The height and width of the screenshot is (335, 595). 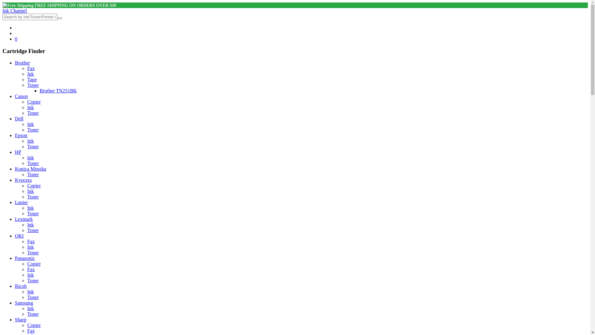 What do you see at coordinates (59, 18) in the screenshot?
I see `'Search'` at bounding box center [59, 18].